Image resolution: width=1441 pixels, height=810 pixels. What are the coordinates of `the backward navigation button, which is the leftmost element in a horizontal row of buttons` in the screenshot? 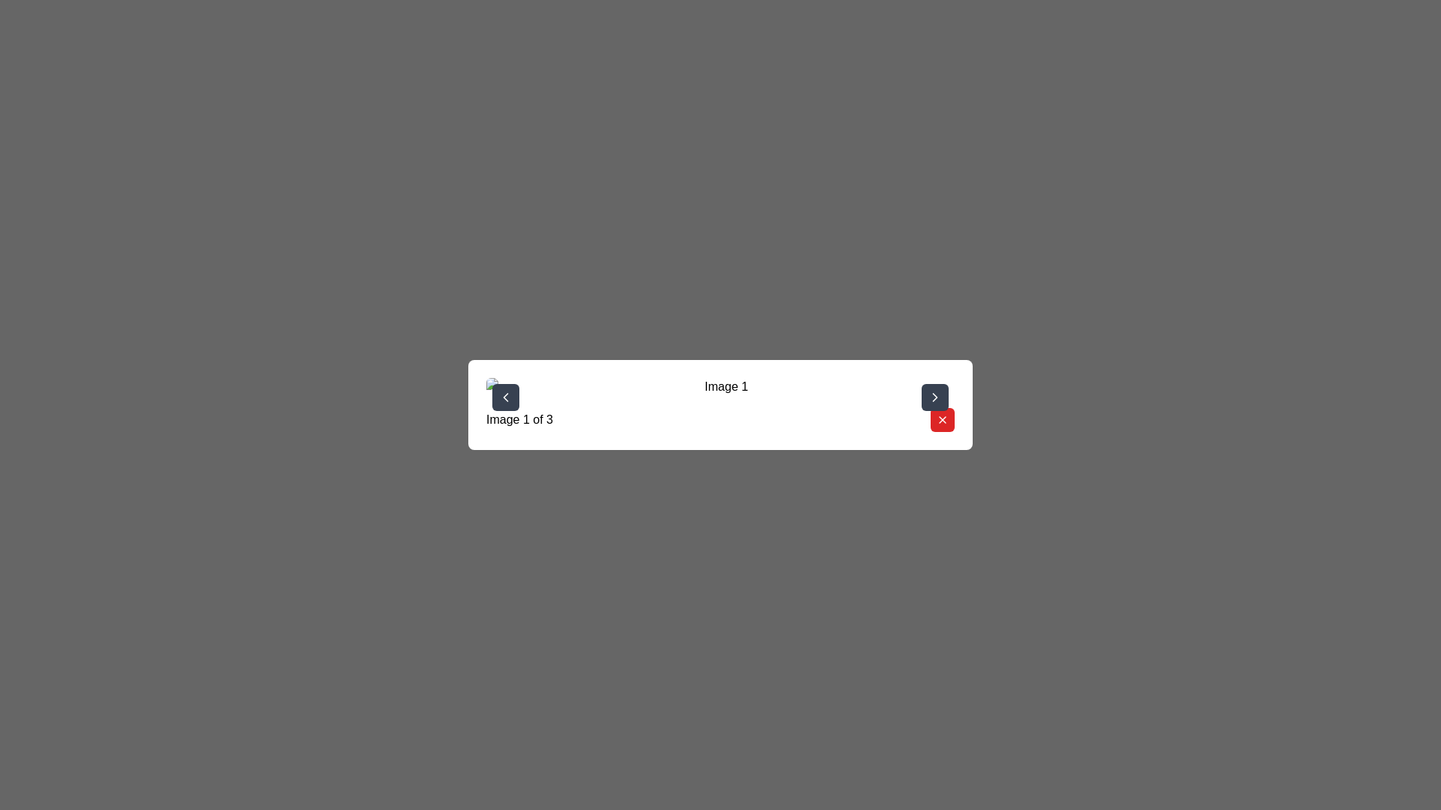 It's located at (505, 396).